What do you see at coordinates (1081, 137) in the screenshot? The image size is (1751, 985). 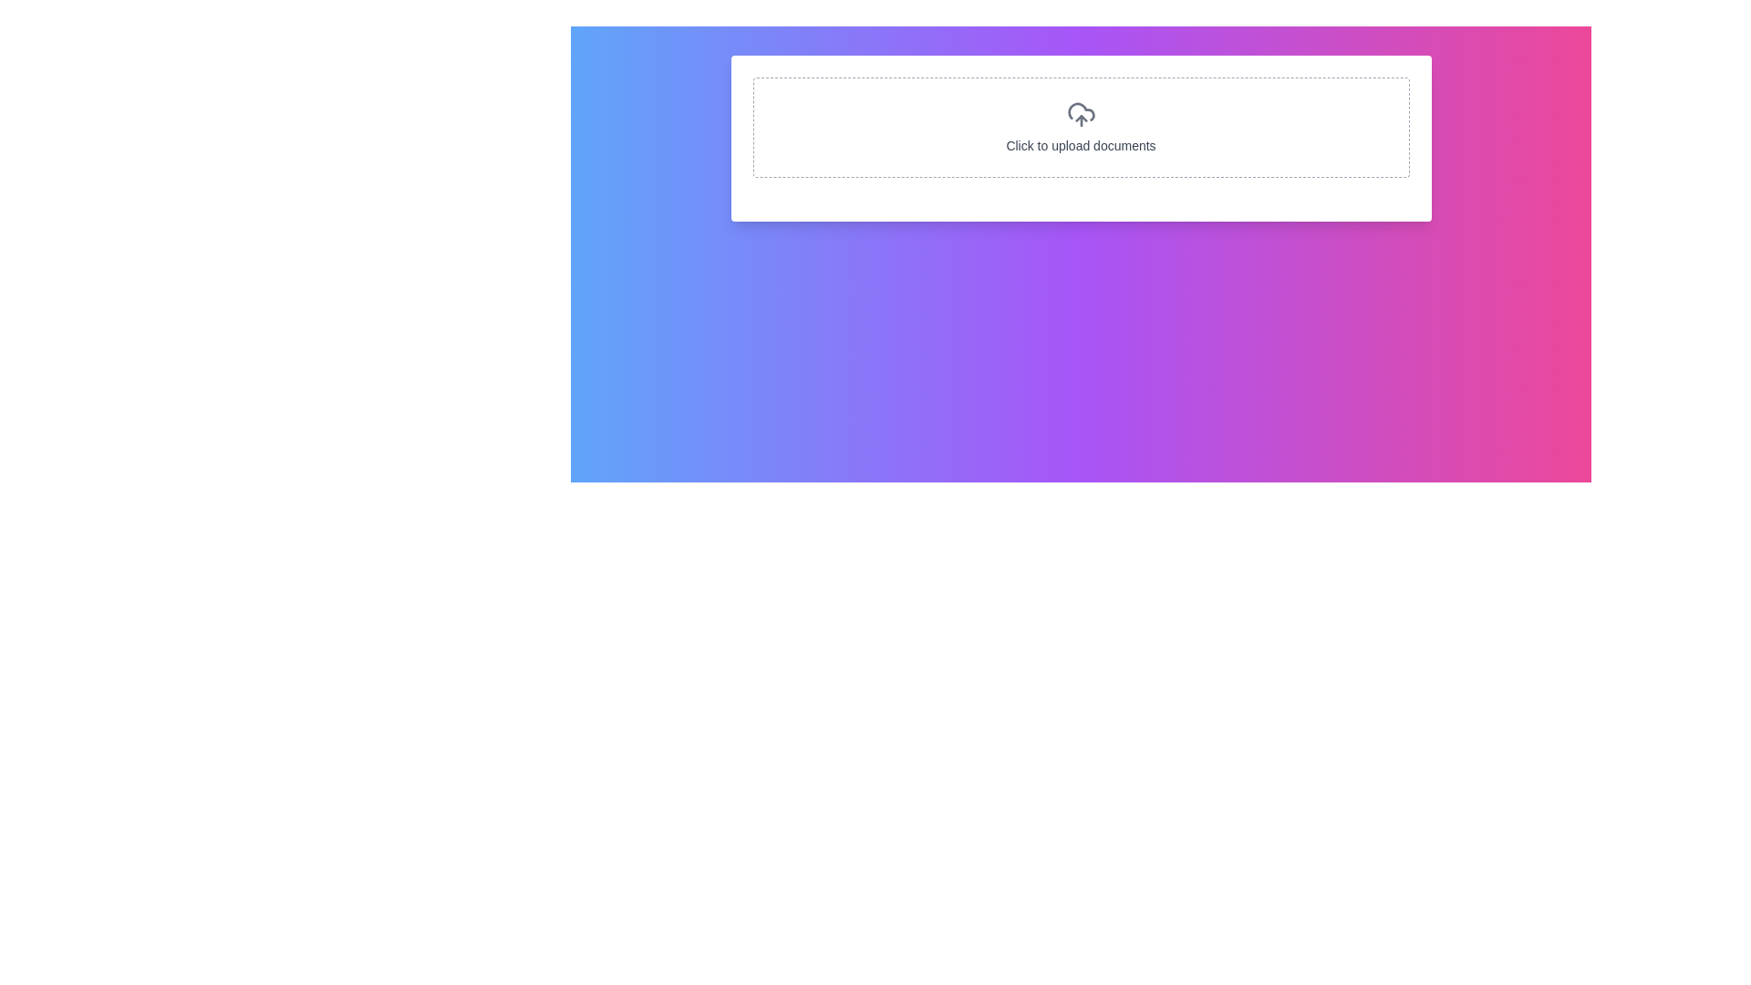 I see `the Upload button, which is a white rectangular area with rounded corners and contains an upload icon and the label 'Click to upload documents'` at bounding box center [1081, 137].